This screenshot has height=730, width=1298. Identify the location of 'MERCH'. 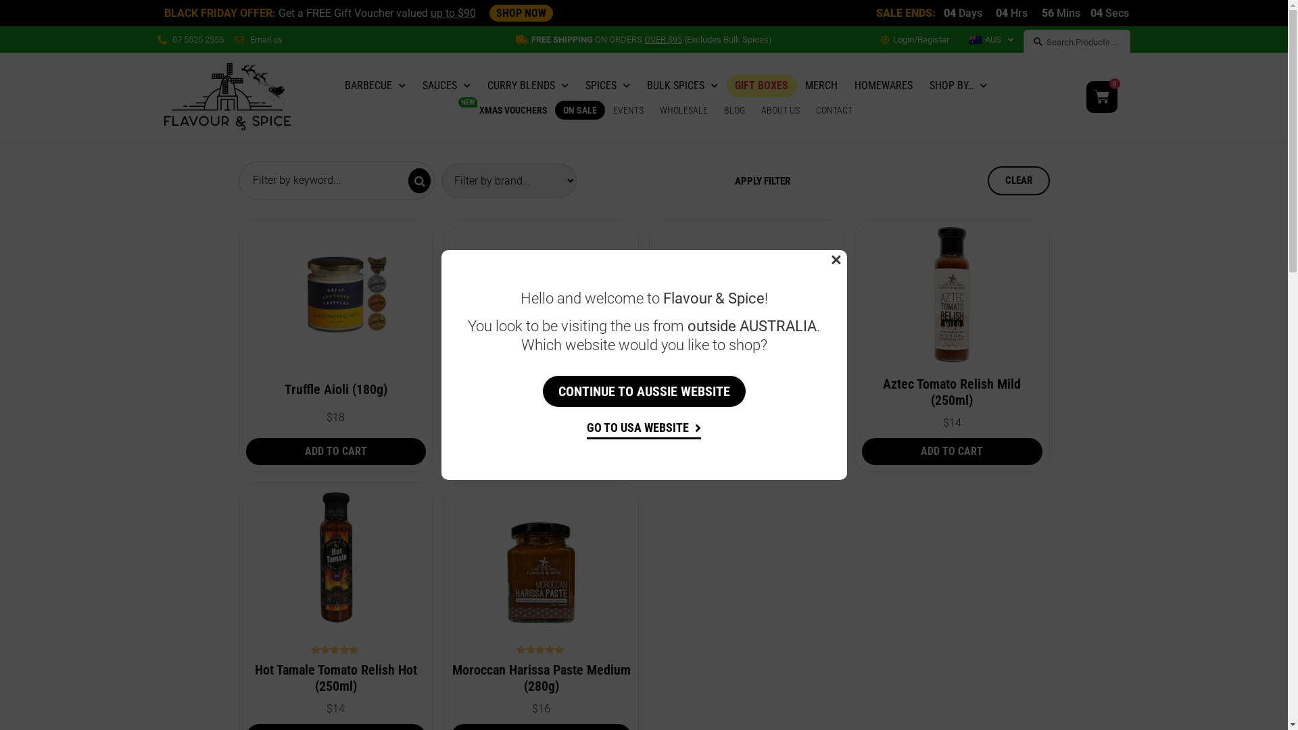
(820, 86).